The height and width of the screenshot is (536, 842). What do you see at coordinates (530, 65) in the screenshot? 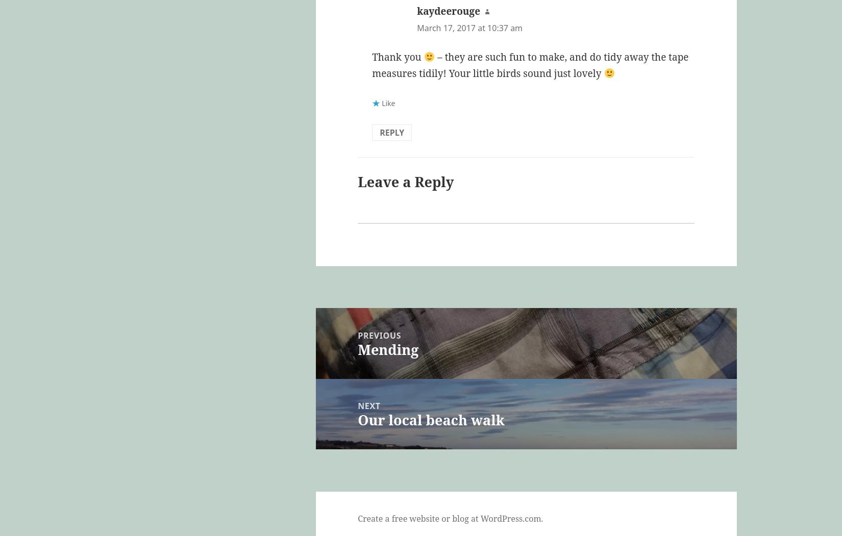
I see `'– they are such fun to make, and do tidy away the tape measures tidily!  Your little birds sound just lovely'` at bounding box center [530, 65].